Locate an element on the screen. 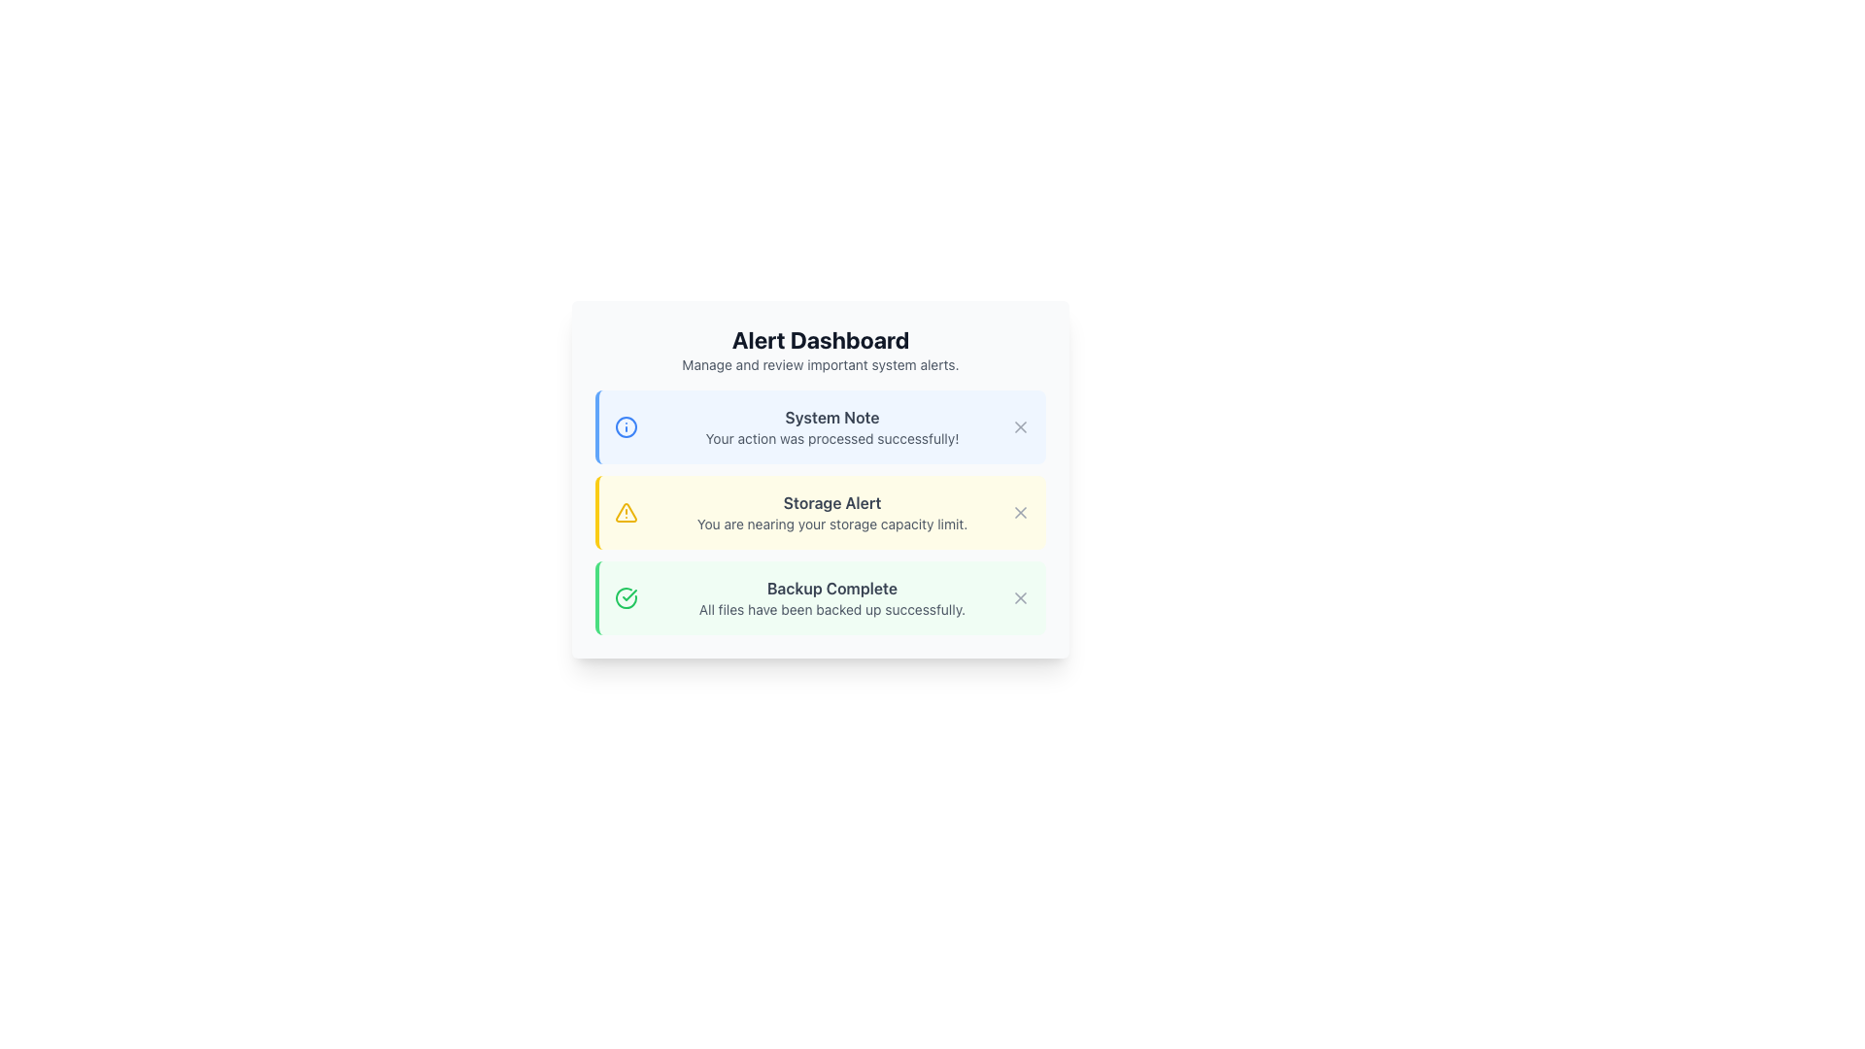 This screenshot has width=1865, height=1049. the close button of the 'Backup Complete' notification to change its color is located at coordinates (1020, 597).